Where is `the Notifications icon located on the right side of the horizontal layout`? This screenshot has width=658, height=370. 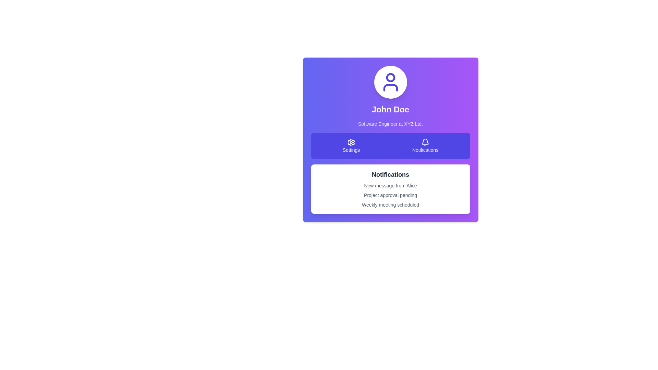 the Notifications icon located on the right side of the horizontal layout is located at coordinates (425, 142).